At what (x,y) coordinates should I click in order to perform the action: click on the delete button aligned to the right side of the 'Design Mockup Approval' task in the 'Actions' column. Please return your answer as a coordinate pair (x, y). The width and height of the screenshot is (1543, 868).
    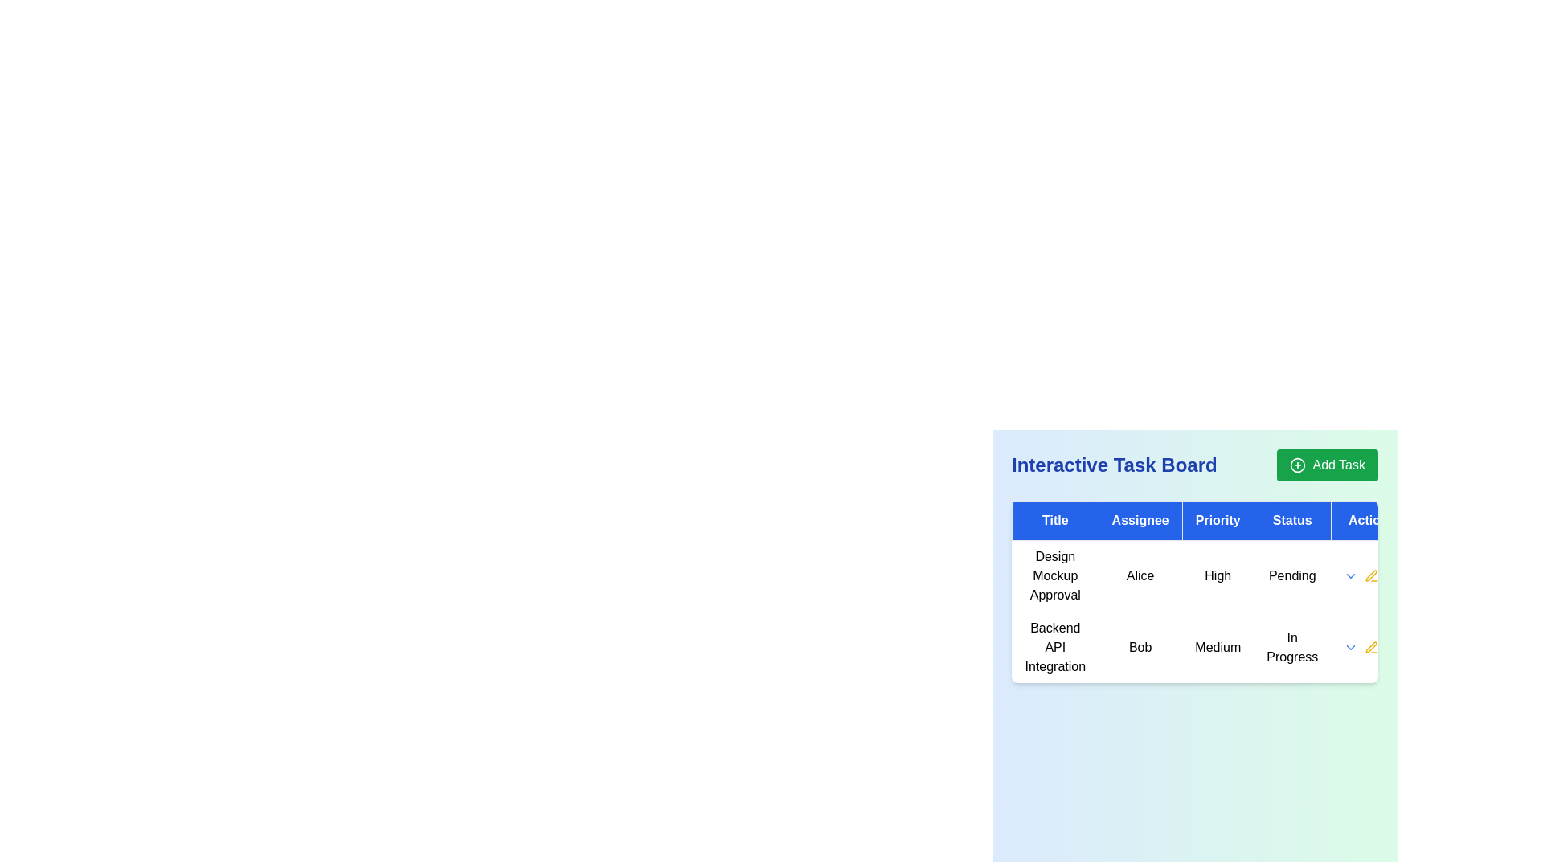
    Looking at the image, I should click on (1392, 575).